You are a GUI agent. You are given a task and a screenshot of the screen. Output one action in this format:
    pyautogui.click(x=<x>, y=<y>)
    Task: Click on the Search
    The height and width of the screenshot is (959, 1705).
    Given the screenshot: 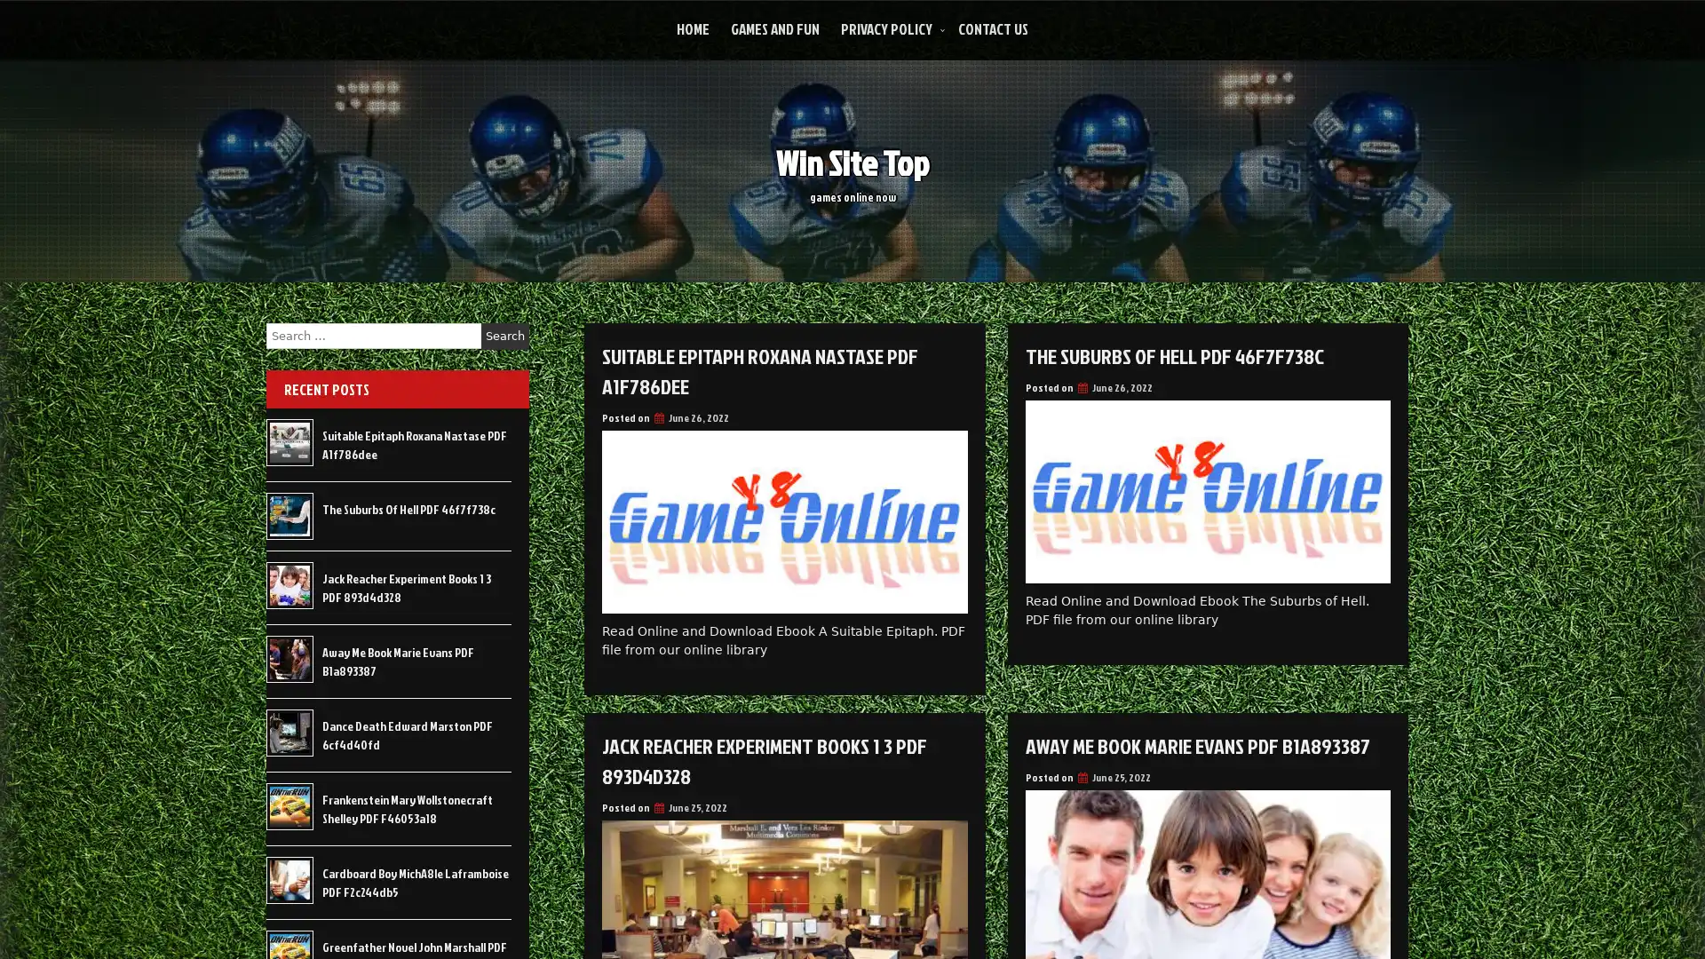 What is the action you would take?
    pyautogui.click(x=504, y=336)
    